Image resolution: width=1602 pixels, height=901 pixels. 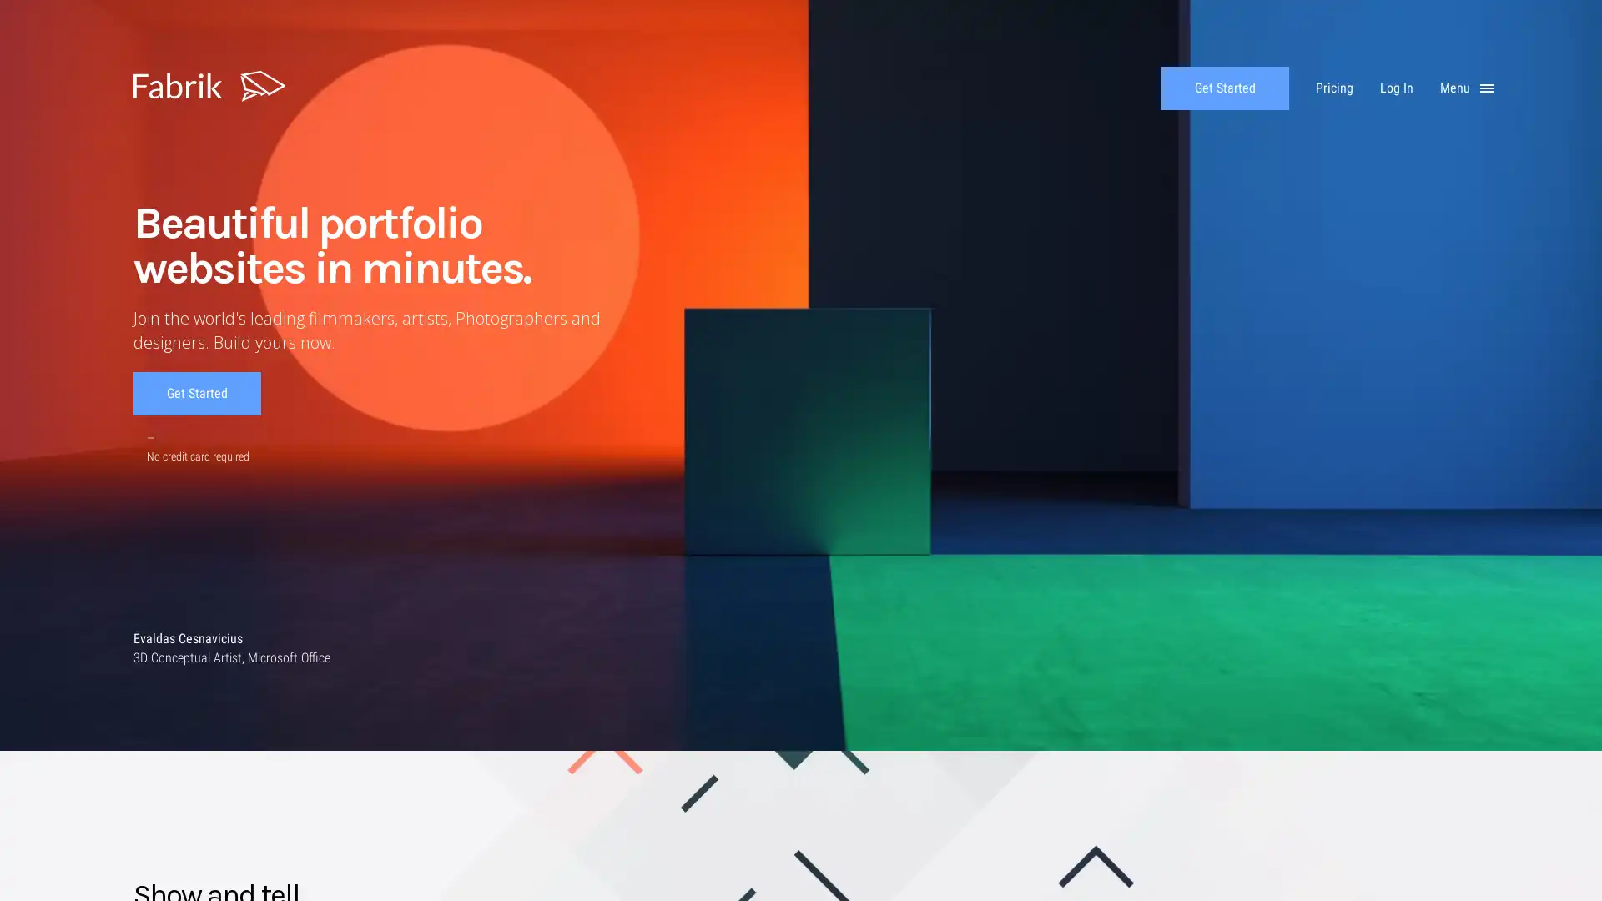 I want to click on Menu, so click(x=1456, y=88).